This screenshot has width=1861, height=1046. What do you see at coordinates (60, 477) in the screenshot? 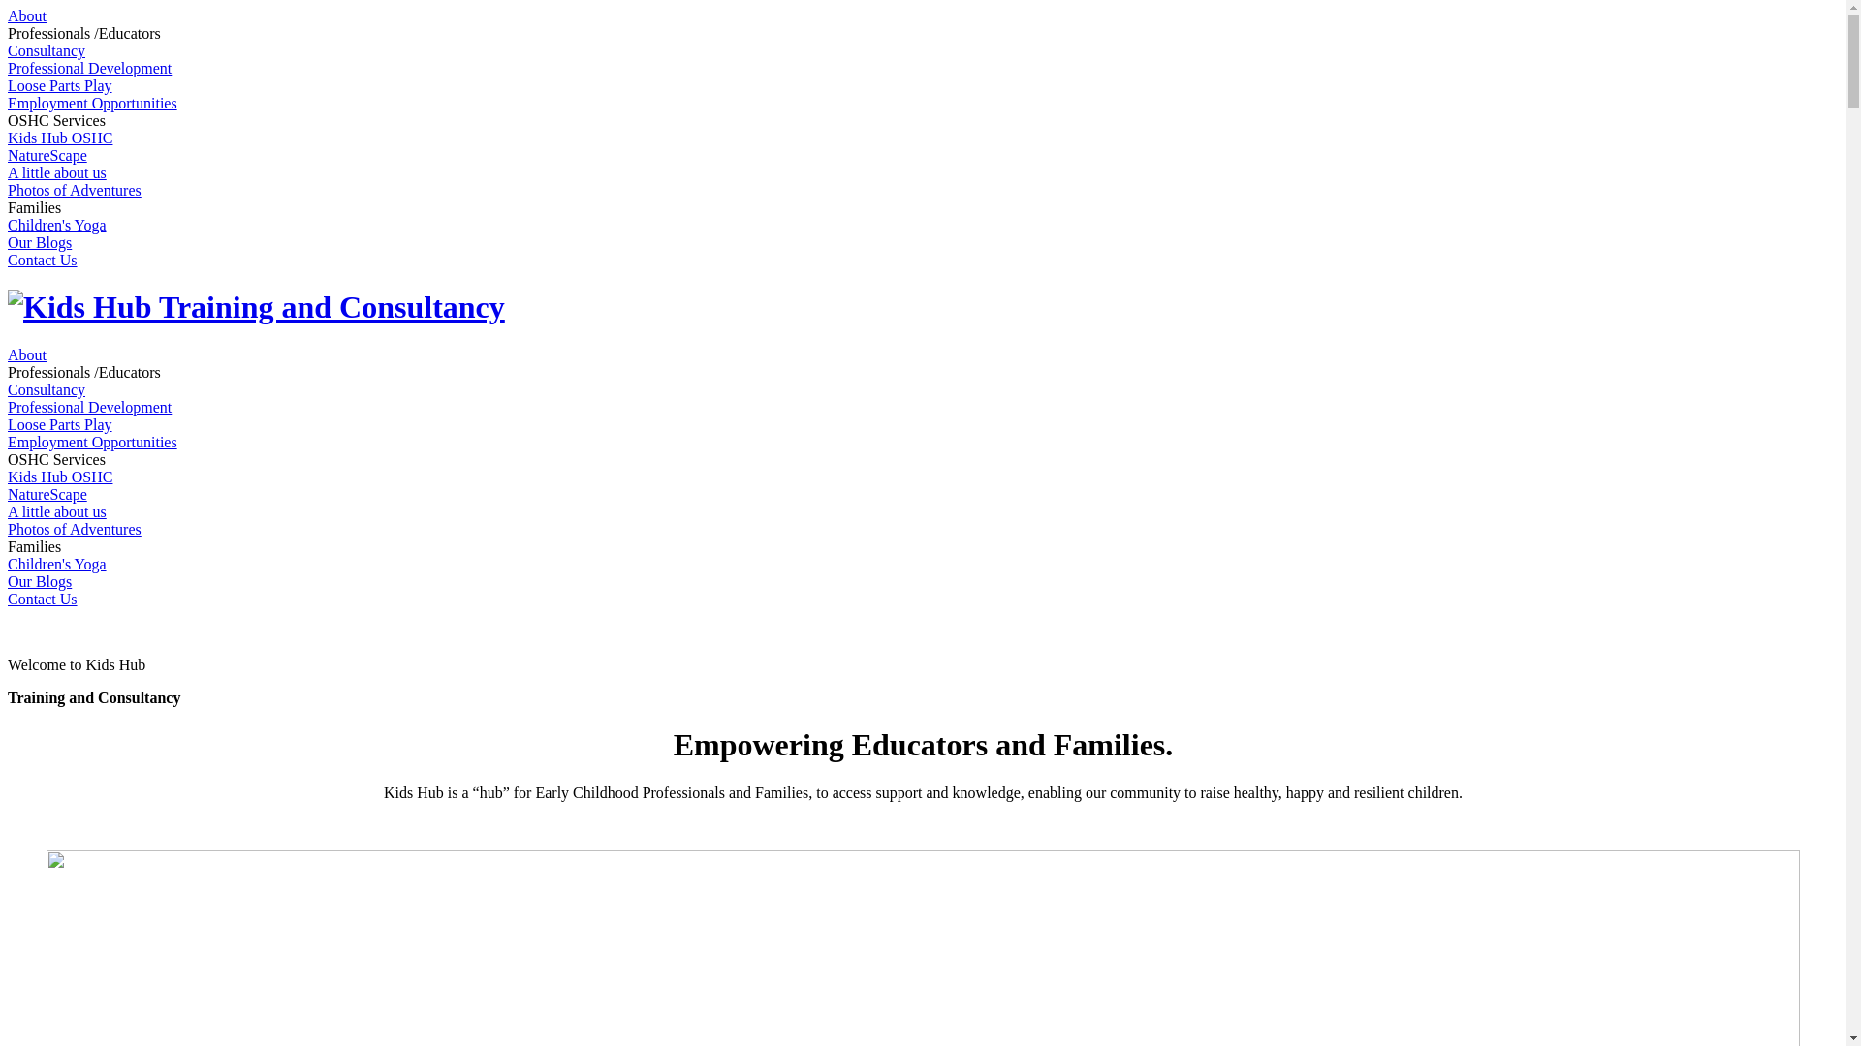
I see `'Kids Hub OSHC'` at bounding box center [60, 477].